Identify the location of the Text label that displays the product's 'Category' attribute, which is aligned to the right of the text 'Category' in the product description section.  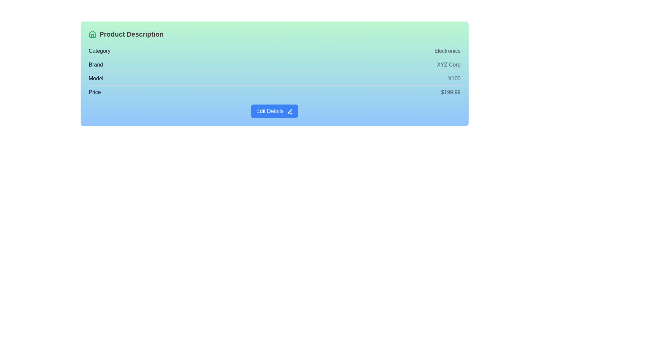
(447, 50).